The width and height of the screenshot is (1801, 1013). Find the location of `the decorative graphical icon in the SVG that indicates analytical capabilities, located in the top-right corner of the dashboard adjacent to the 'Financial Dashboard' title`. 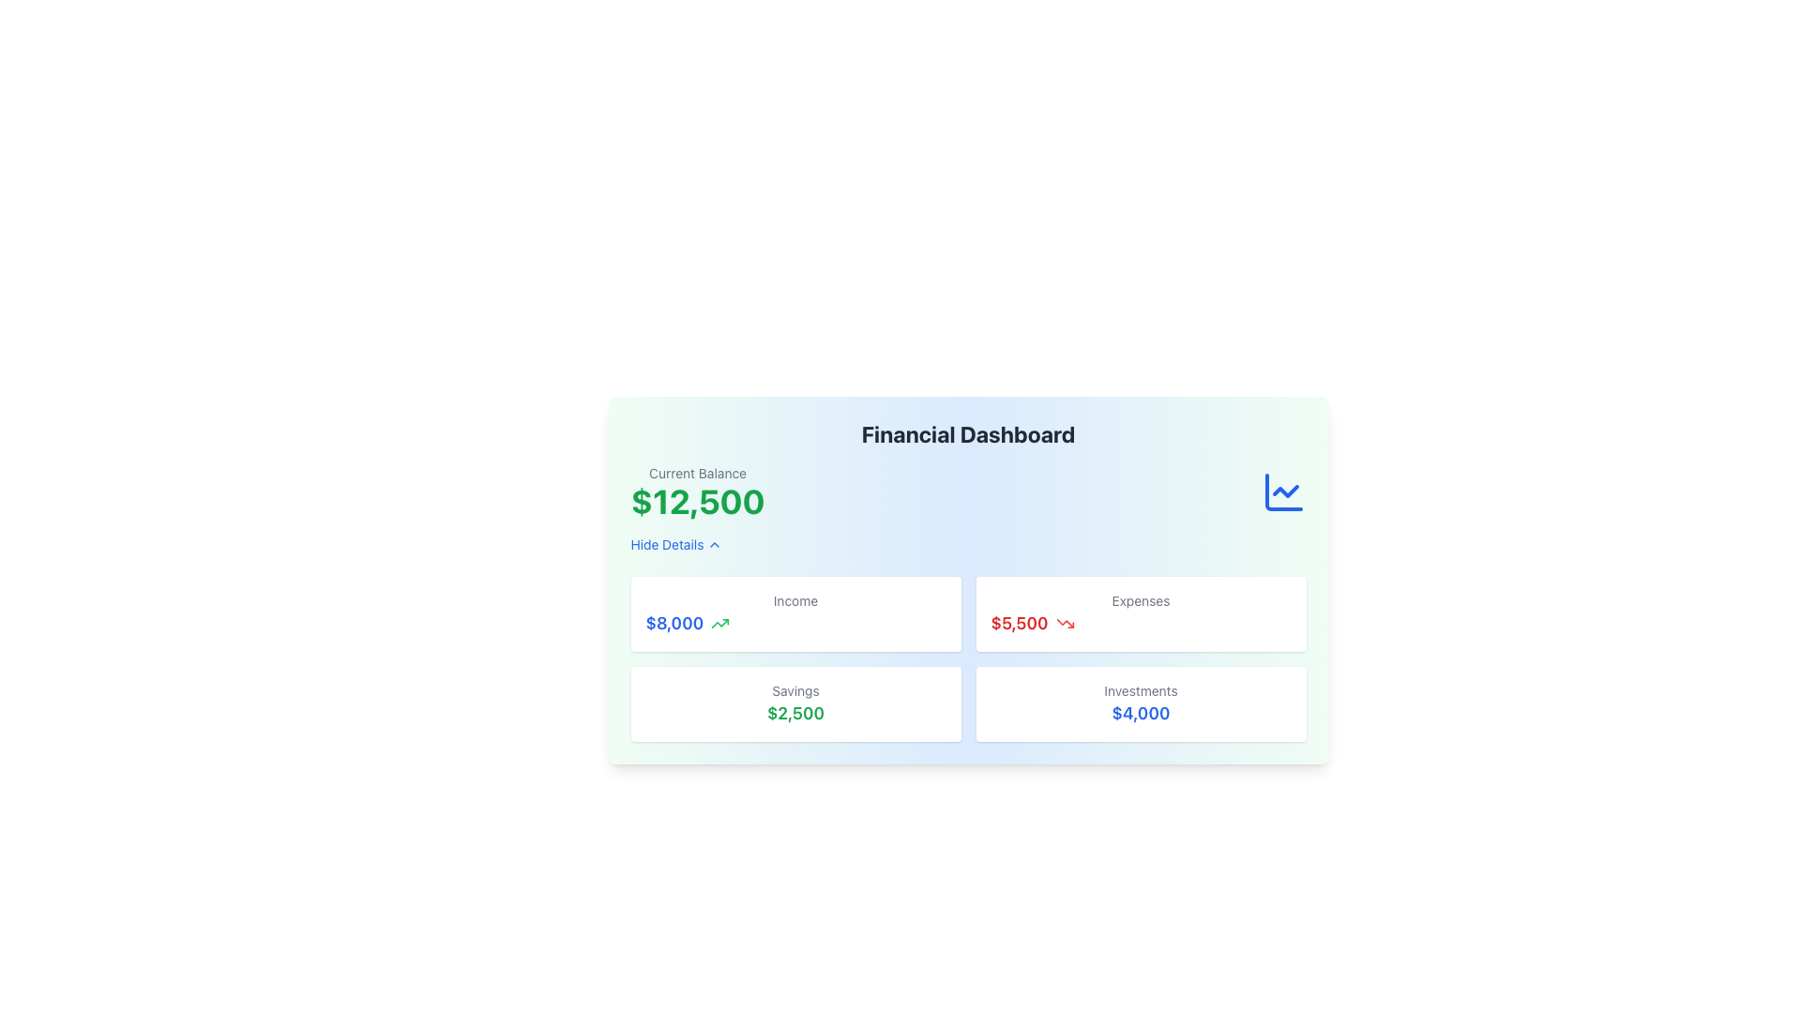

the decorative graphical icon in the SVG that indicates analytical capabilities, located in the top-right corner of the dashboard adjacent to the 'Financial Dashboard' title is located at coordinates (1282, 491).